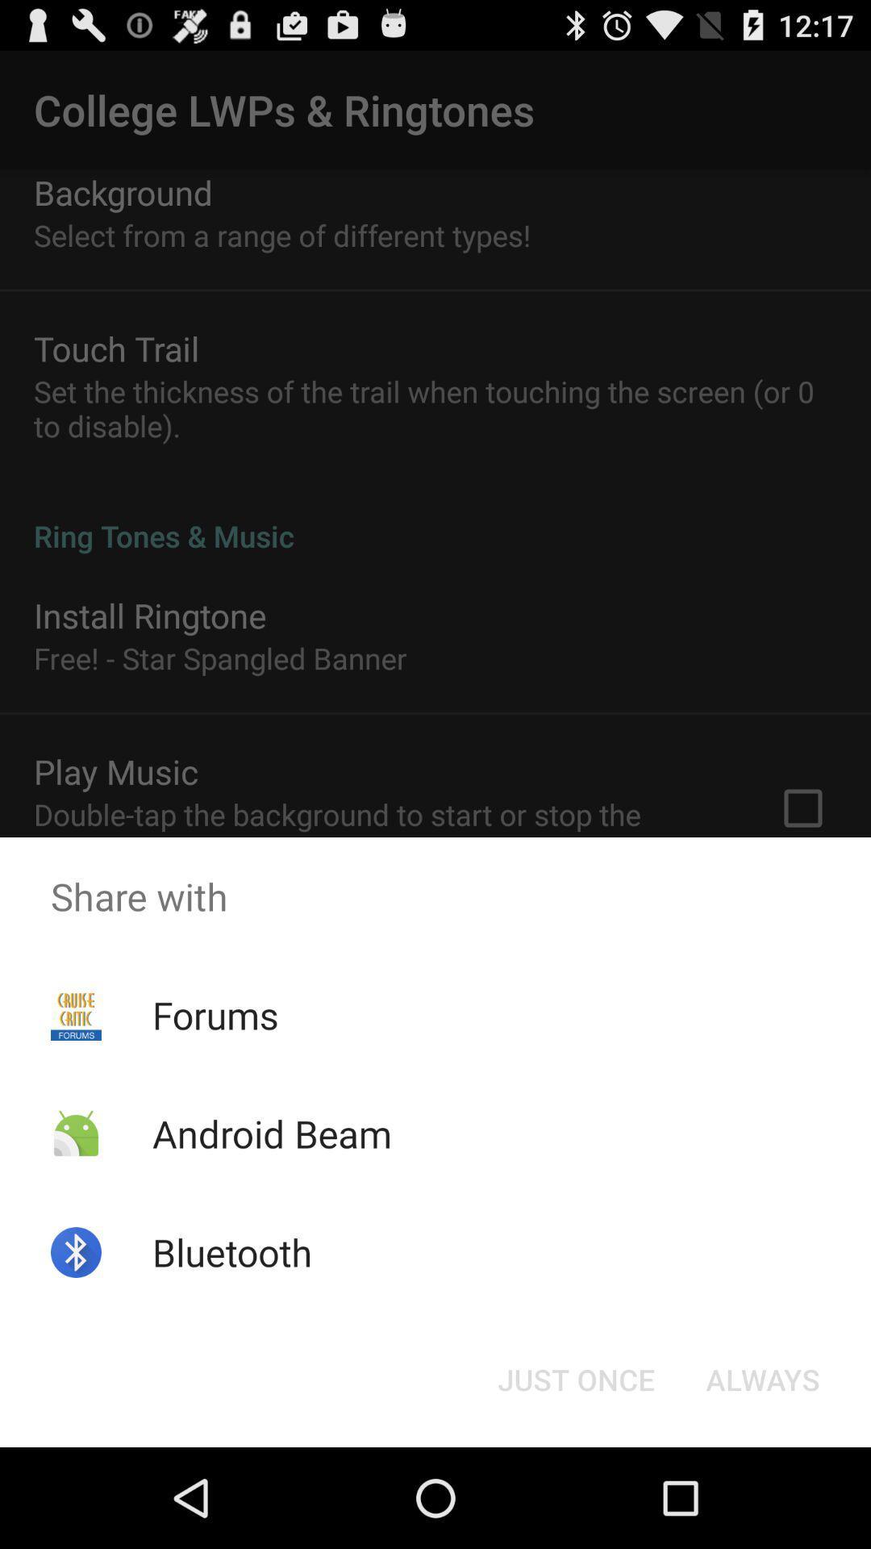 The image size is (871, 1549). I want to click on the item below share with, so click(762, 1378).